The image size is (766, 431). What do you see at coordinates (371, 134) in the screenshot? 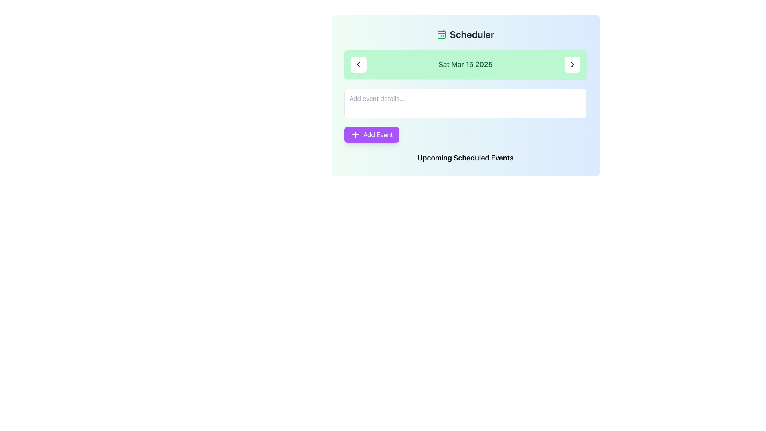
I see `the button located at the bottom left of the interface` at bounding box center [371, 134].